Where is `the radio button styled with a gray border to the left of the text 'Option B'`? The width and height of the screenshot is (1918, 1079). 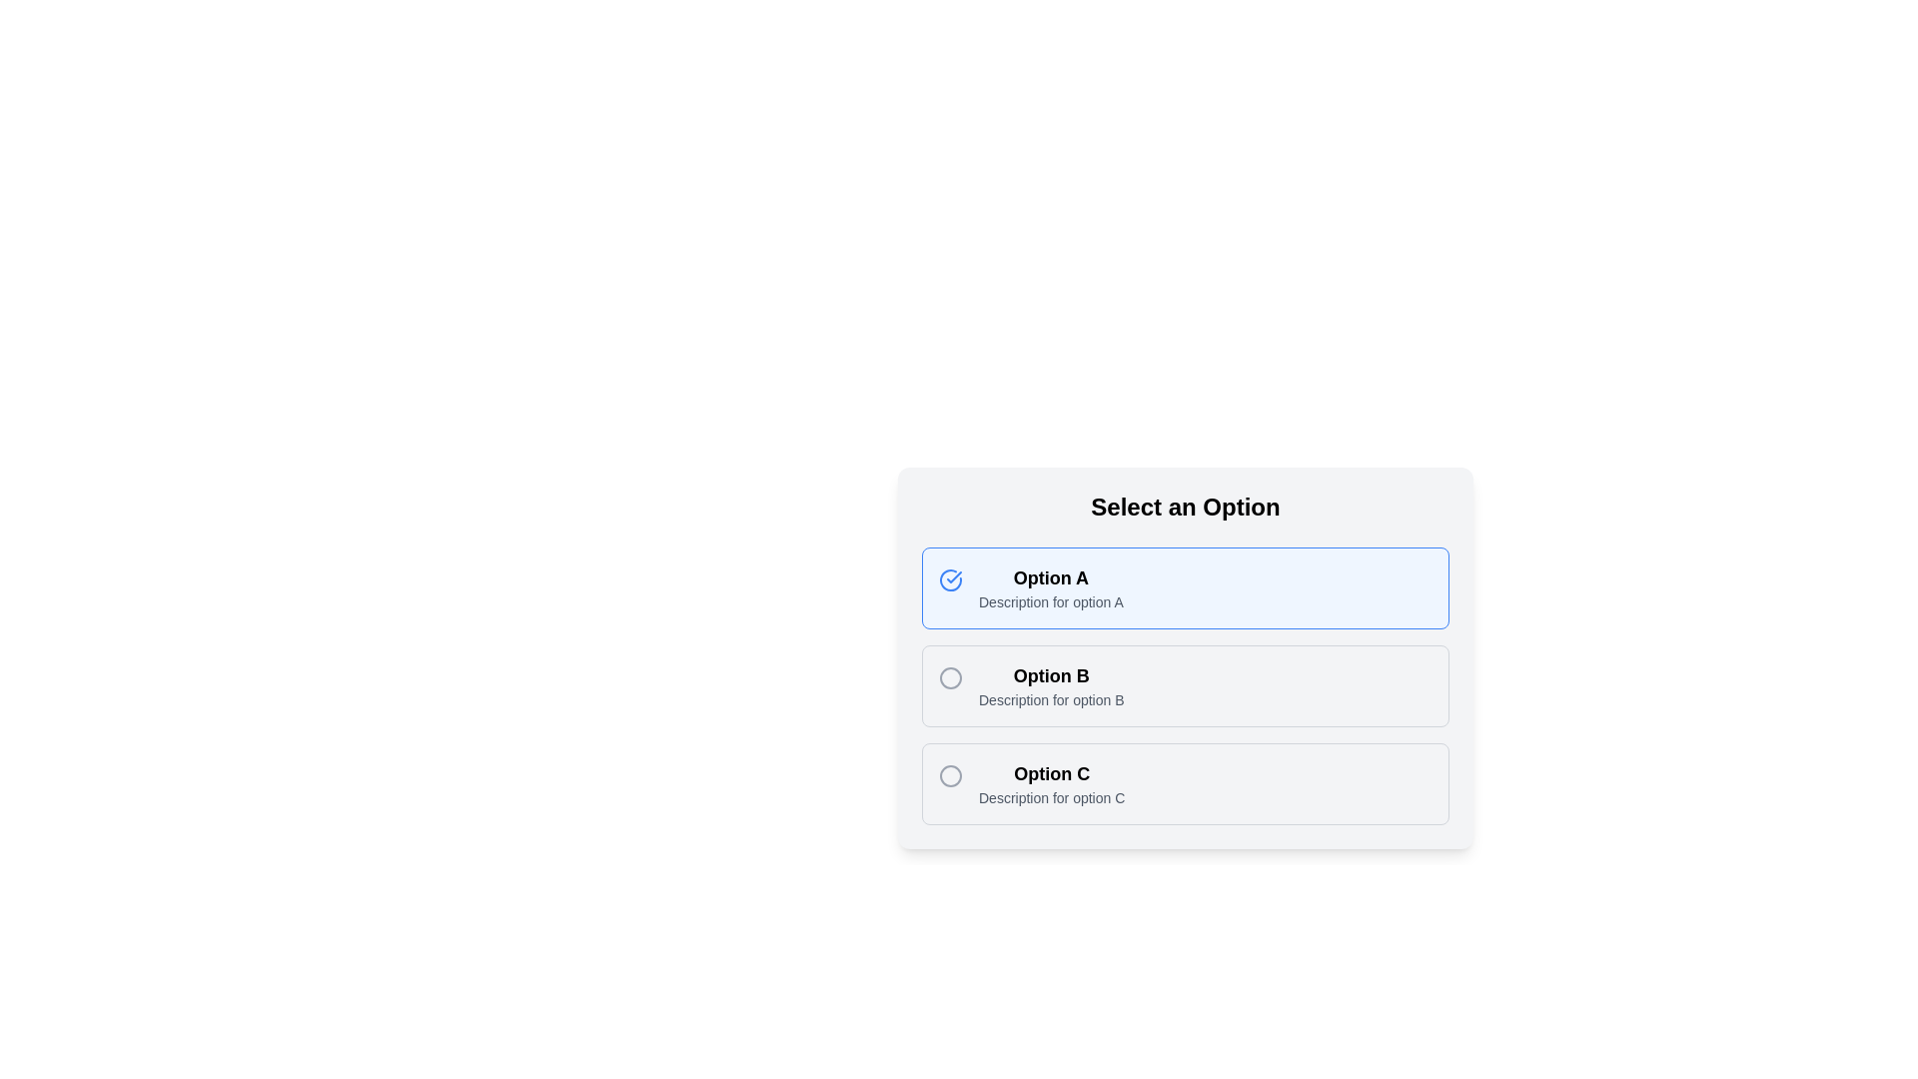
the radio button styled with a gray border to the left of the text 'Option B' is located at coordinates (949, 675).